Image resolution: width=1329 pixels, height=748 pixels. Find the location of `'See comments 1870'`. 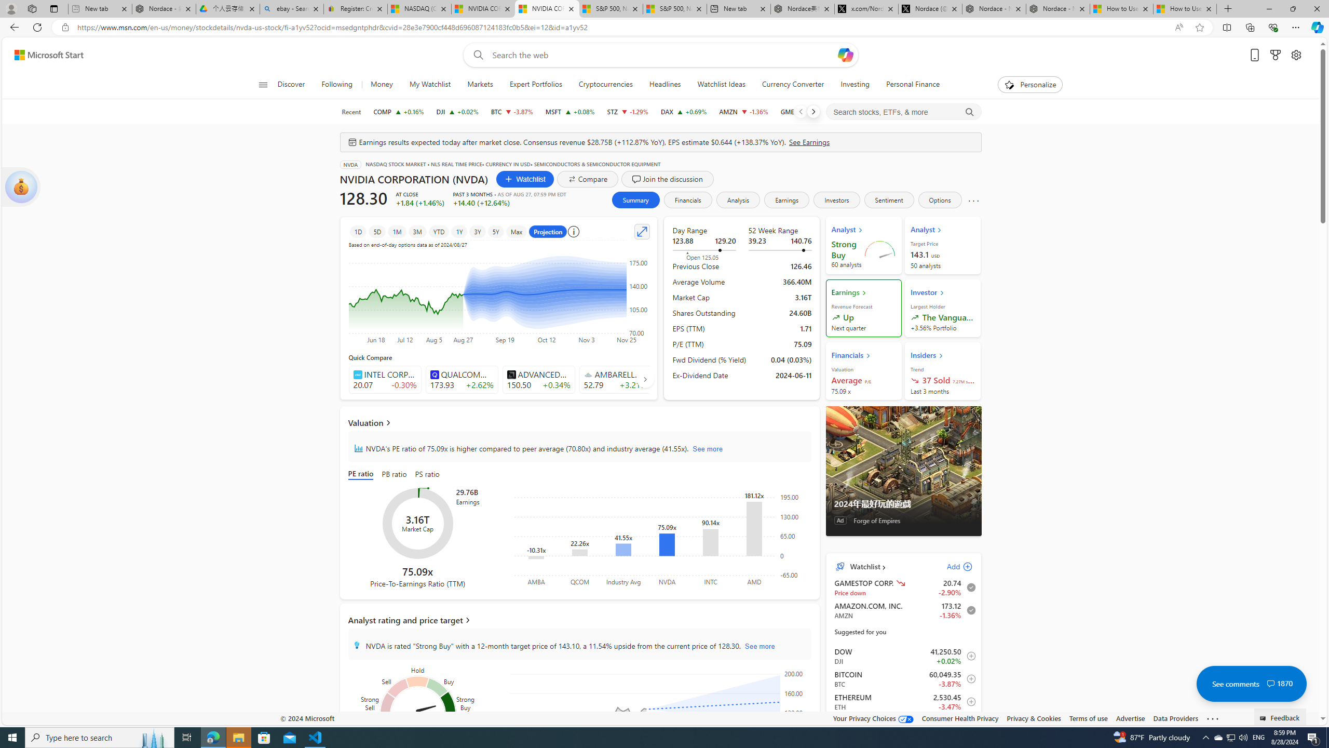

'See comments 1870' is located at coordinates (1251, 683).